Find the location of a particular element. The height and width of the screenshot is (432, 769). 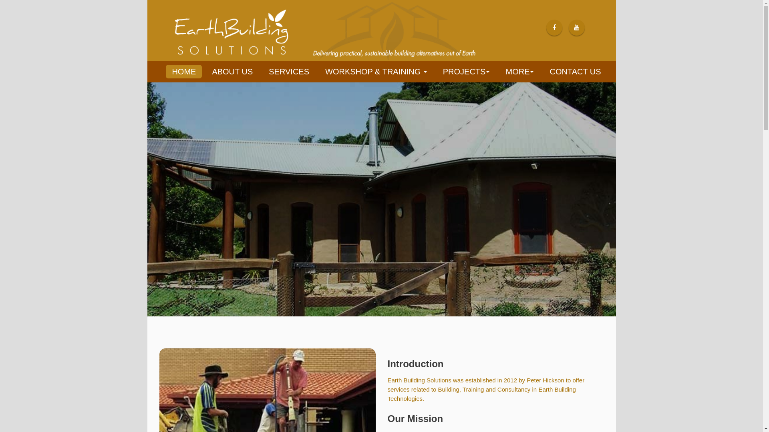

'ABOUT US' is located at coordinates (232, 71).